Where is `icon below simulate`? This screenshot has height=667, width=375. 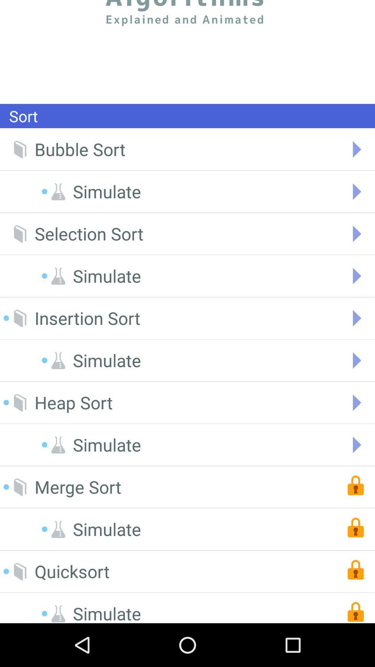 icon below simulate is located at coordinates (74, 403).